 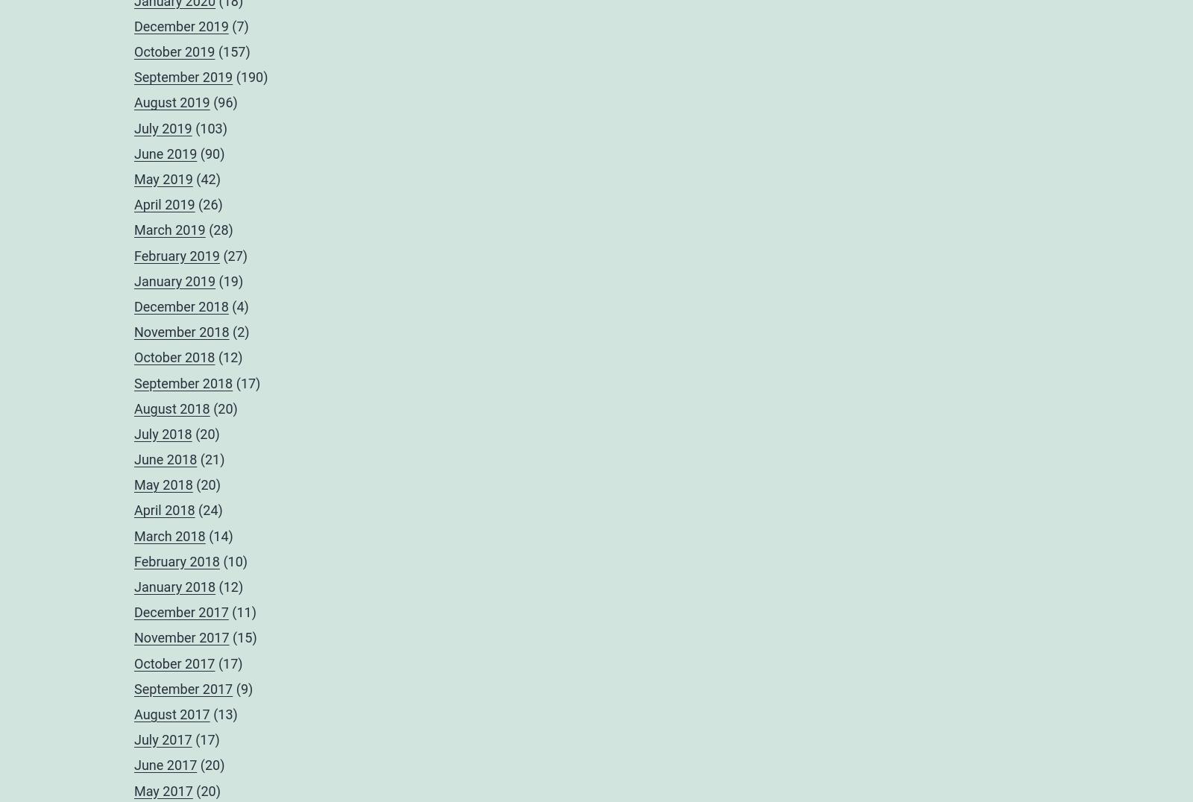 I want to click on '(4)', so click(x=238, y=306).